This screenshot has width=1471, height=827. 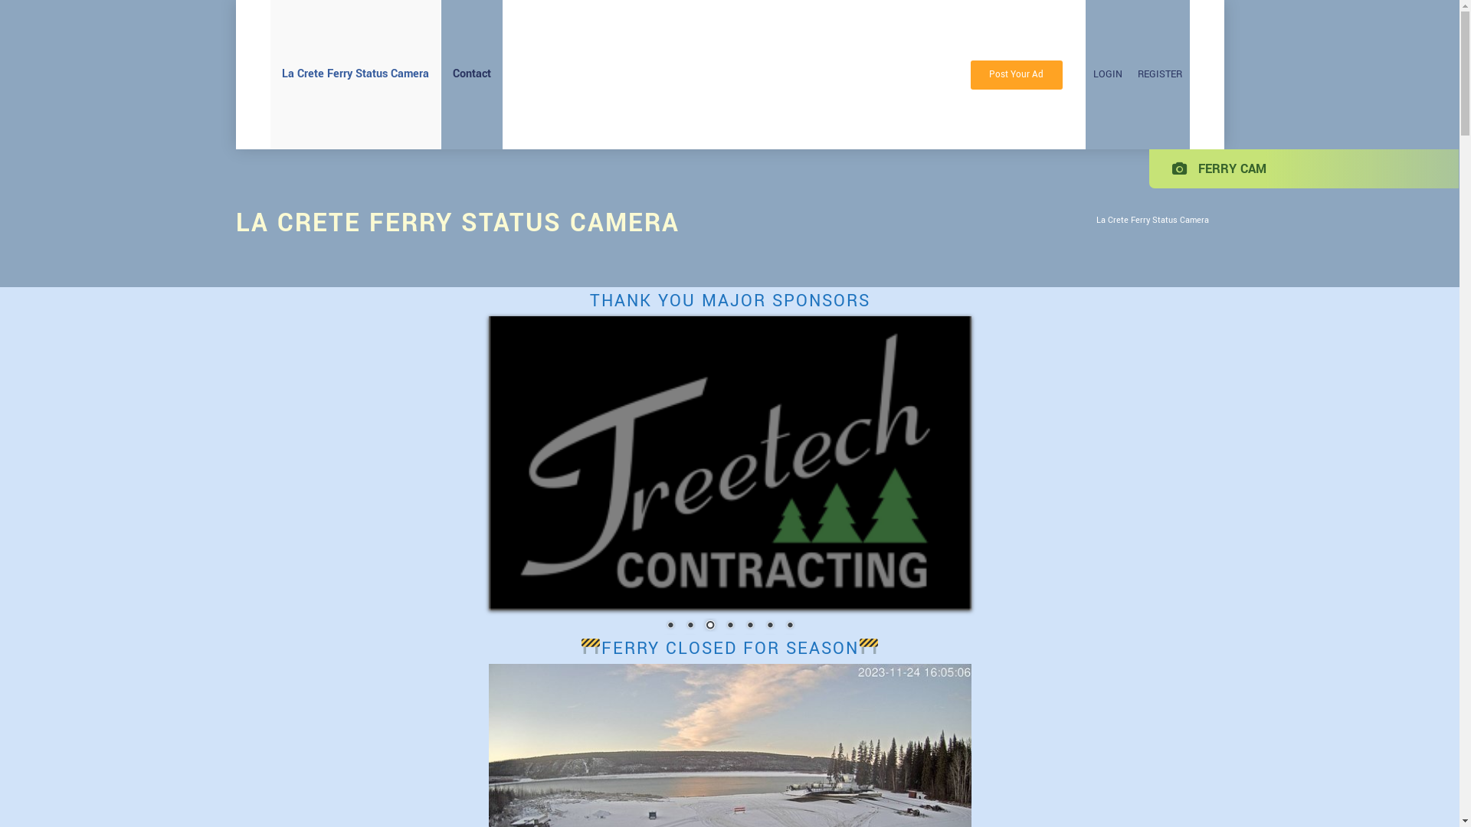 What do you see at coordinates (670, 626) in the screenshot?
I see `'1'` at bounding box center [670, 626].